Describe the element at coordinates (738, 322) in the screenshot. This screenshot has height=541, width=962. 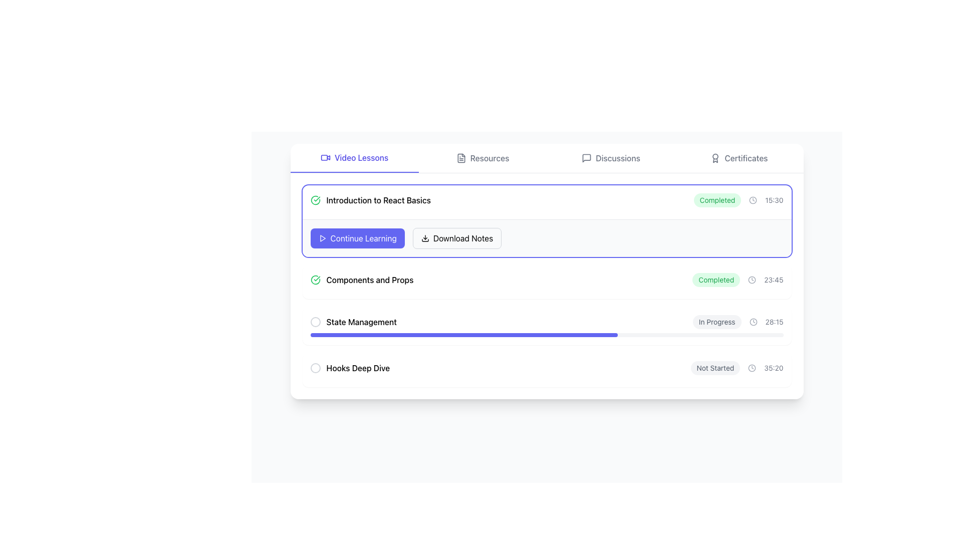
I see `the timestamp displayed on the Status indicator in the 'State Management' section, which shows the current progress state as 'In Progress'` at that location.